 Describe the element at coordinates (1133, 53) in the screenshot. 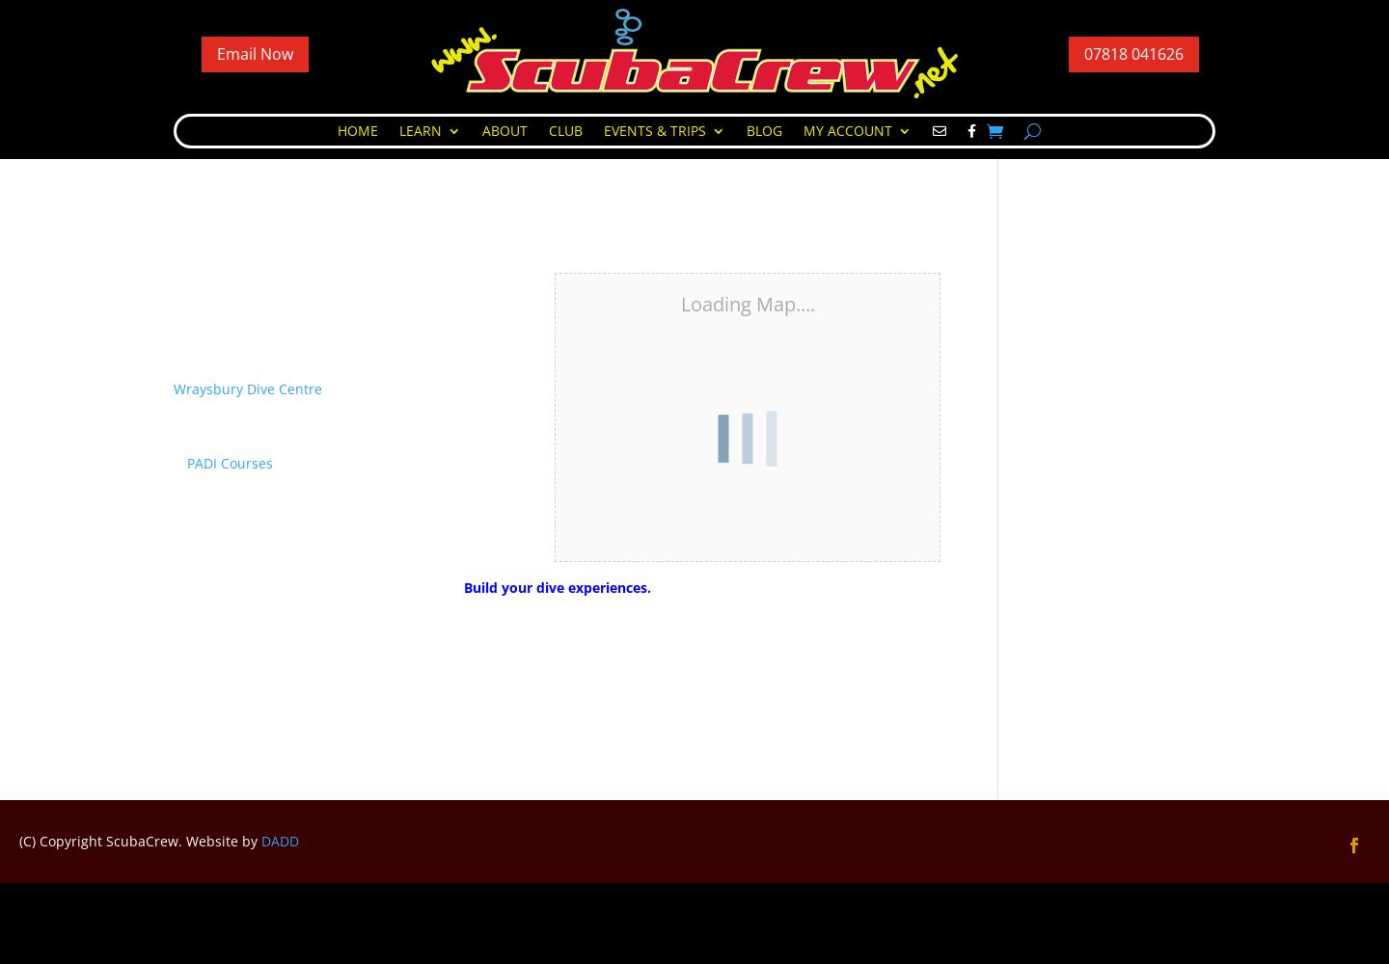

I see `'07818 041626'` at that location.